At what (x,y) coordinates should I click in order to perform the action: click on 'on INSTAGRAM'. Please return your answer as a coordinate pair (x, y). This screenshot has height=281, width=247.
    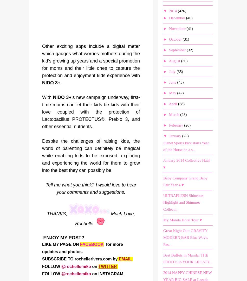
    Looking at the image, I should click on (108, 273).